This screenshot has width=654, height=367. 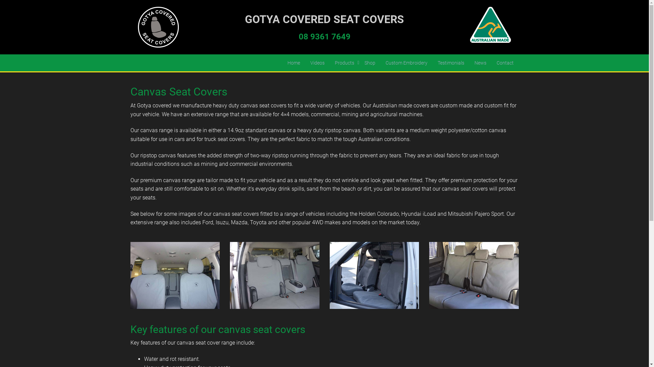 What do you see at coordinates (469, 63) in the screenshot?
I see `'News'` at bounding box center [469, 63].